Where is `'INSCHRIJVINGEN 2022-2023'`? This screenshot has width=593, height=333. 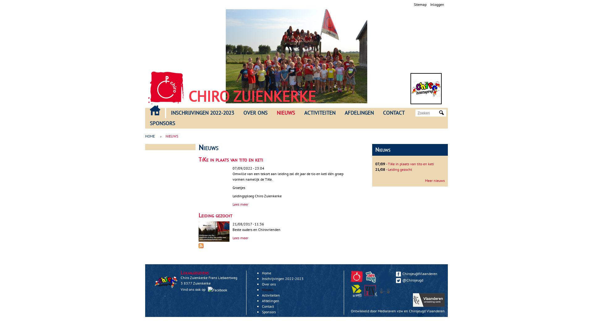 'INSCHRIJVINGEN 2022-2023' is located at coordinates (202, 113).